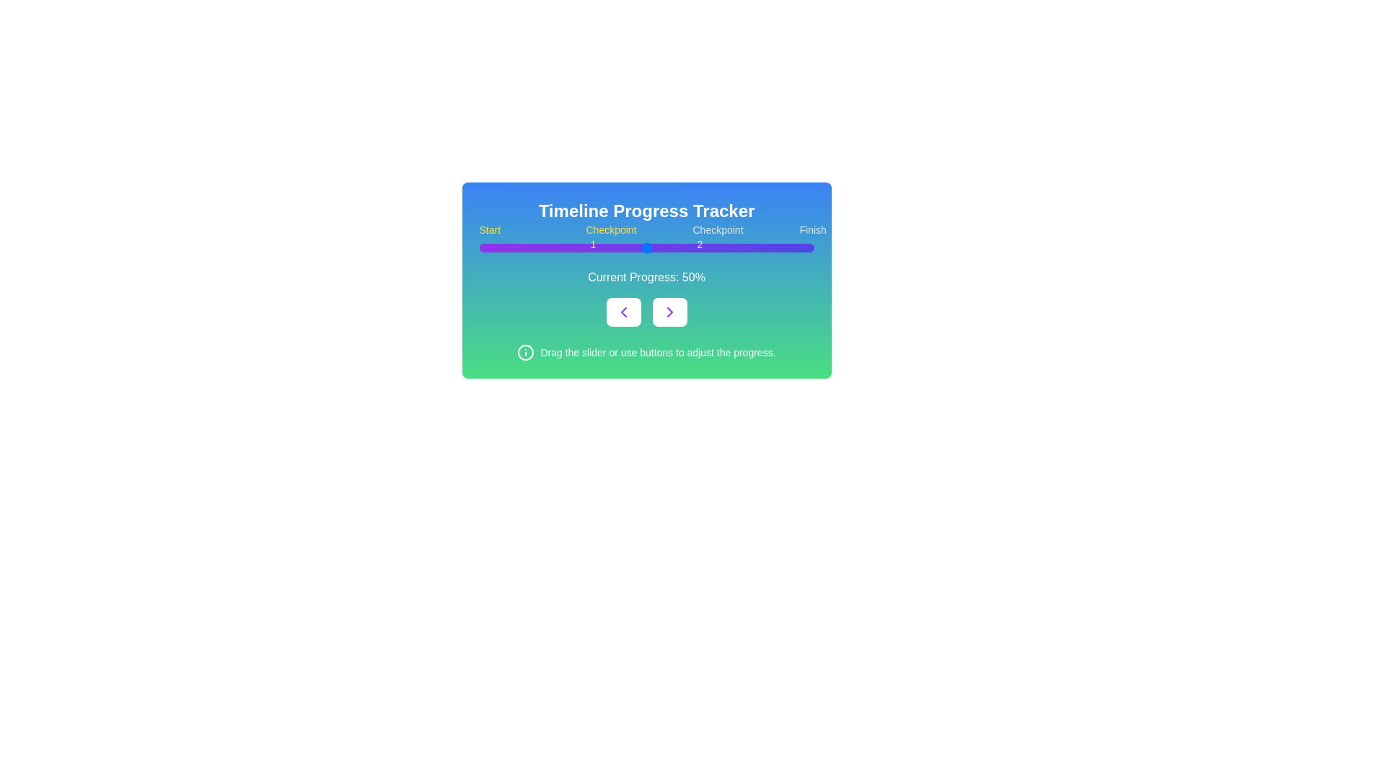 Image resolution: width=1385 pixels, height=779 pixels. I want to click on the progress, so click(750, 247).